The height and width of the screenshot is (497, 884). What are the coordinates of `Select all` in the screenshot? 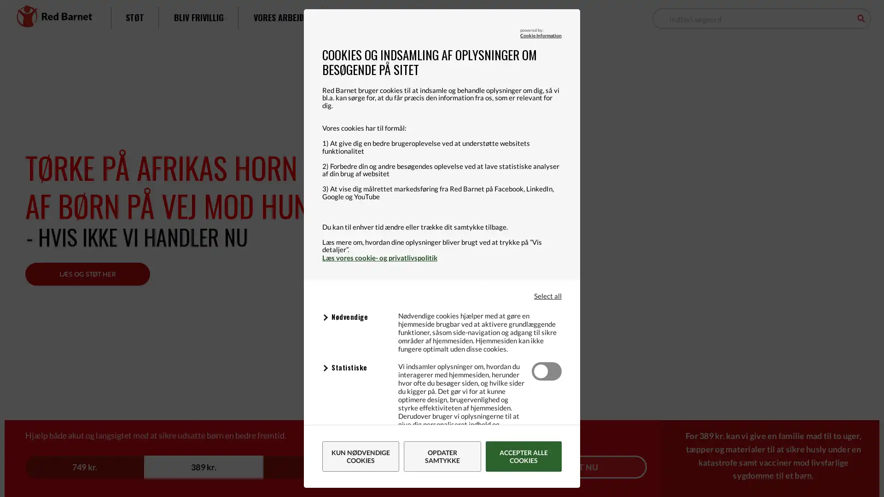 It's located at (548, 295).